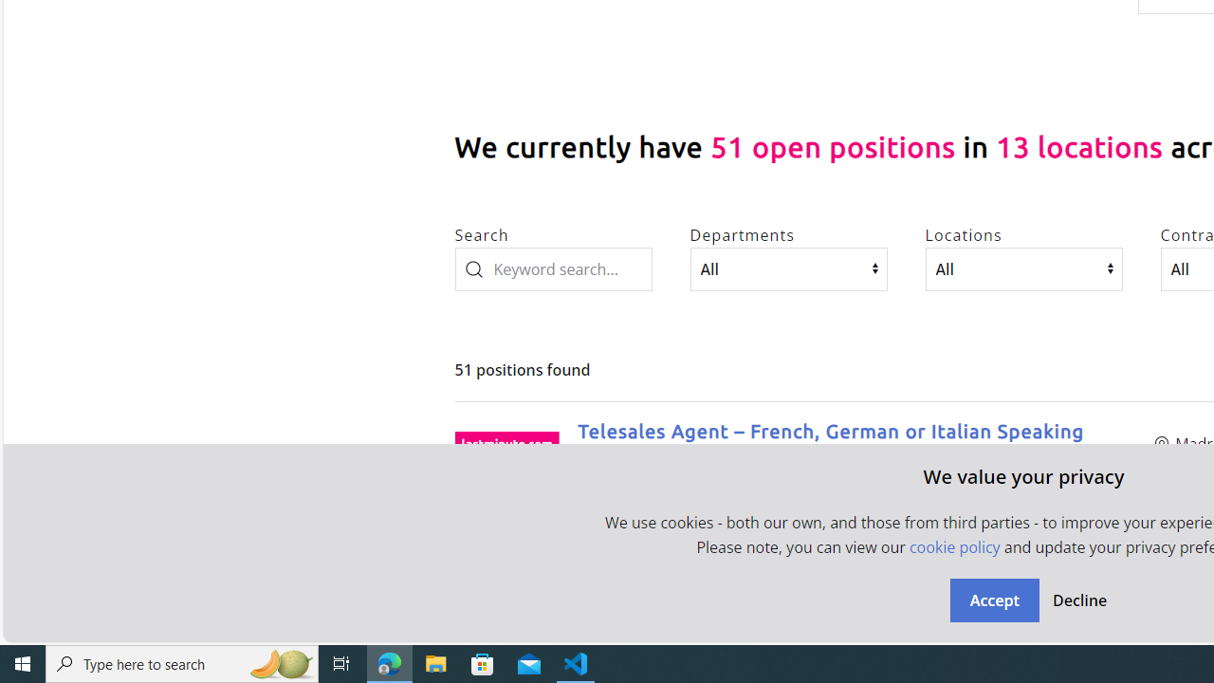 The height and width of the screenshot is (683, 1214). I want to click on 'cookie policy', so click(954, 547).